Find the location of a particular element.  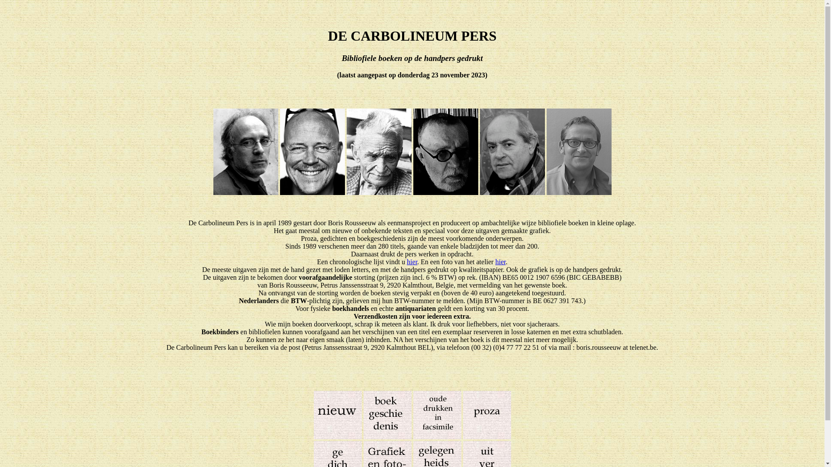

'hier' is located at coordinates (406, 261).